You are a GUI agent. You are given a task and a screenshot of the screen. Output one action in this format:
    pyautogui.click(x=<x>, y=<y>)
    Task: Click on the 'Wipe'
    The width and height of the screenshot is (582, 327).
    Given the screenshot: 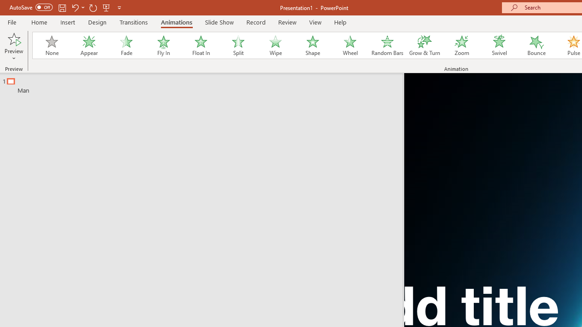 What is the action you would take?
    pyautogui.click(x=275, y=45)
    